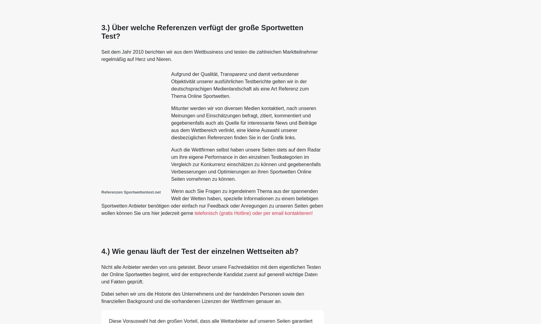 The image size is (541, 324). I want to click on 'Dabei sehen wir uns die Historie des Unternehmens und der handelnden Personen sowie den finanziellen Background und die vorhandenen Lizenzen der Wettfirmen genauer an.', so click(202, 297).